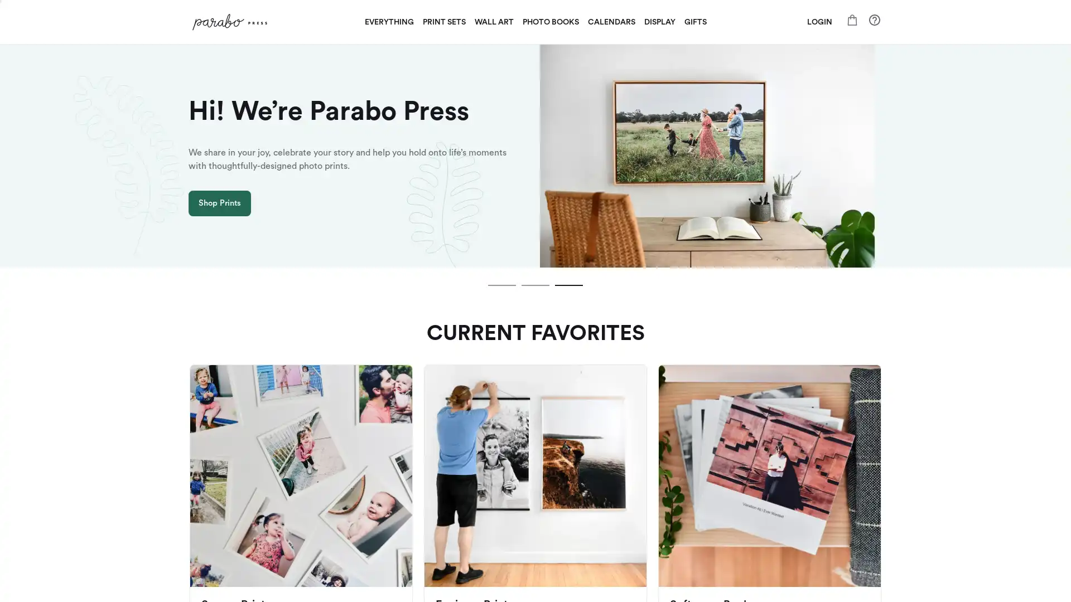  Describe the element at coordinates (568, 285) in the screenshot. I see `slide dot` at that location.